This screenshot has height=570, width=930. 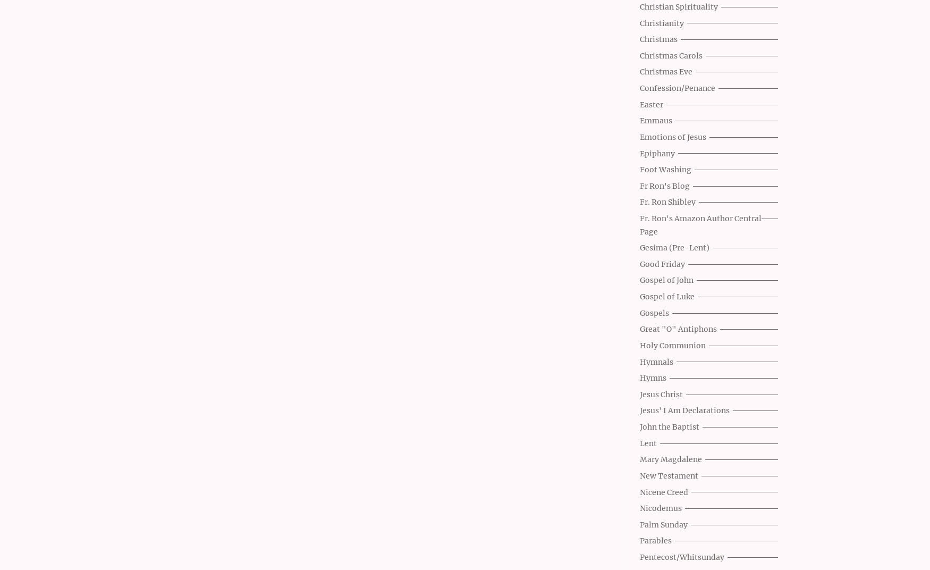 I want to click on 'Emotions of Jesus', so click(x=672, y=136).